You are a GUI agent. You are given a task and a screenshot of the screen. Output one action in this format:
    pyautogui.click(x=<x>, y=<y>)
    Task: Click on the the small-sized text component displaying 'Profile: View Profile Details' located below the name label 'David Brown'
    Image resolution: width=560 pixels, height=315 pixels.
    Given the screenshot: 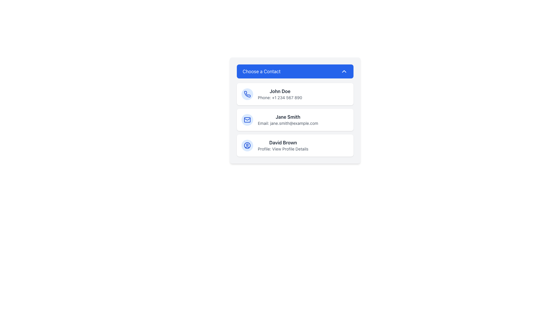 What is the action you would take?
    pyautogui.click(x=283, y=148)
    